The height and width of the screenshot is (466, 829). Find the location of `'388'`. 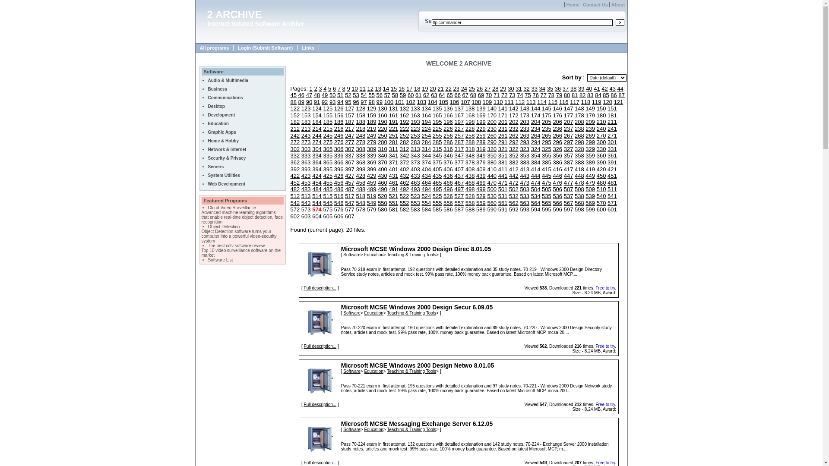

'388' is located at coordinates (579, 162).